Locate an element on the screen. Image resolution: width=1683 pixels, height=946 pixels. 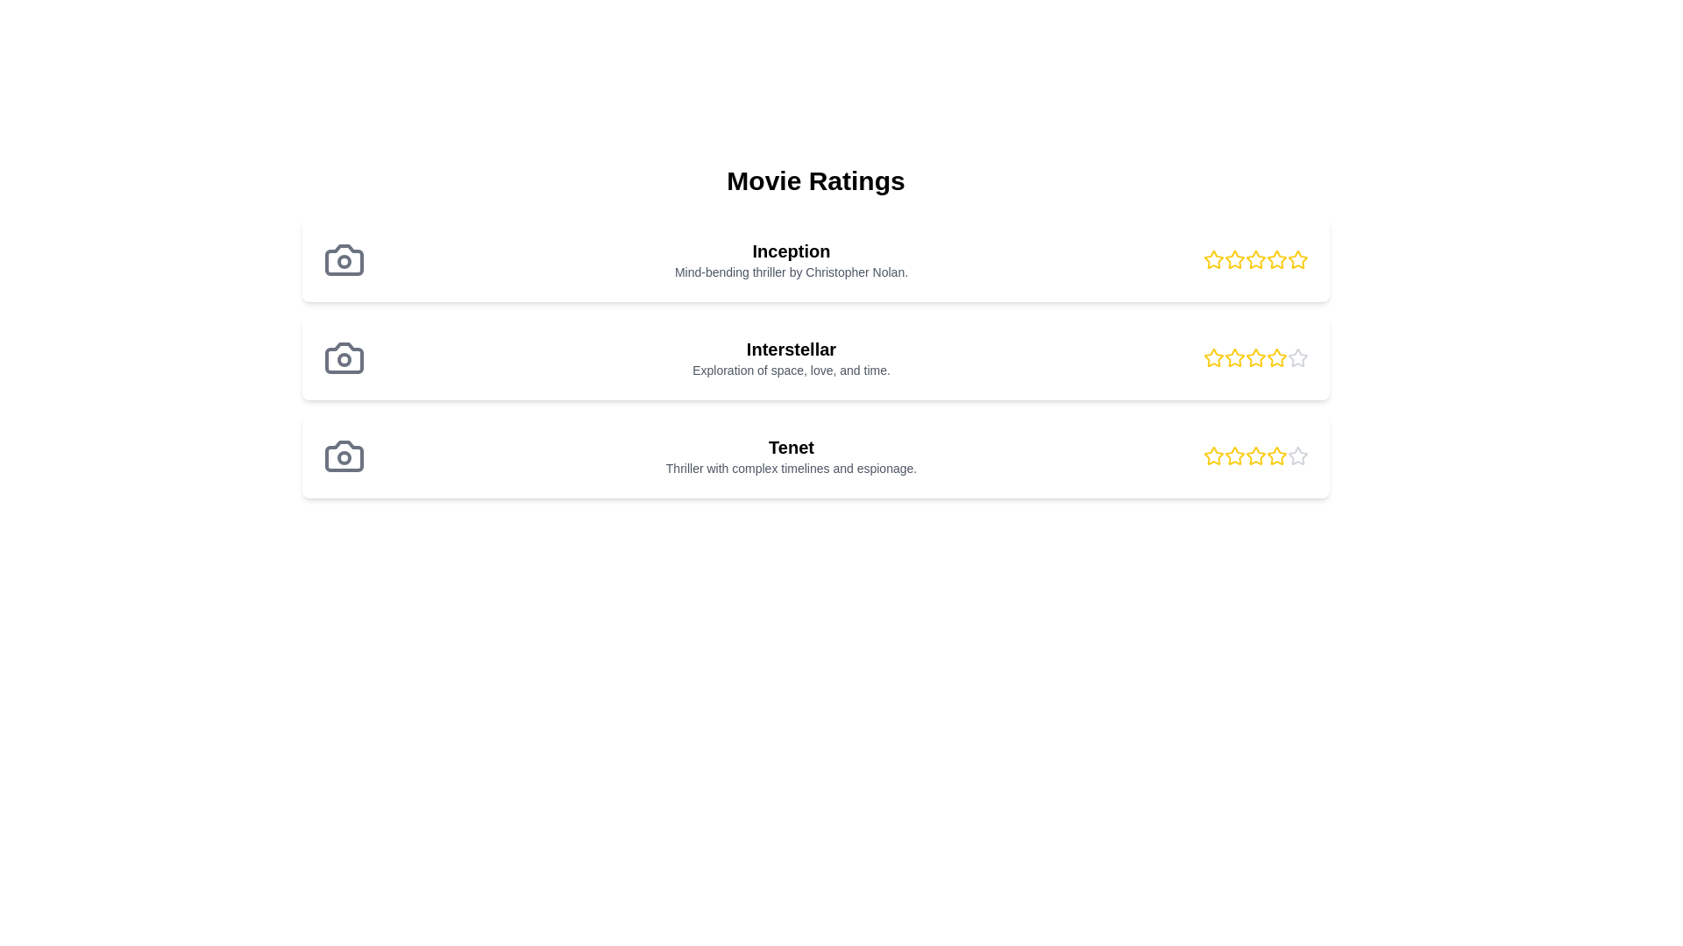
the third star is located at coordinates (1277, 357).